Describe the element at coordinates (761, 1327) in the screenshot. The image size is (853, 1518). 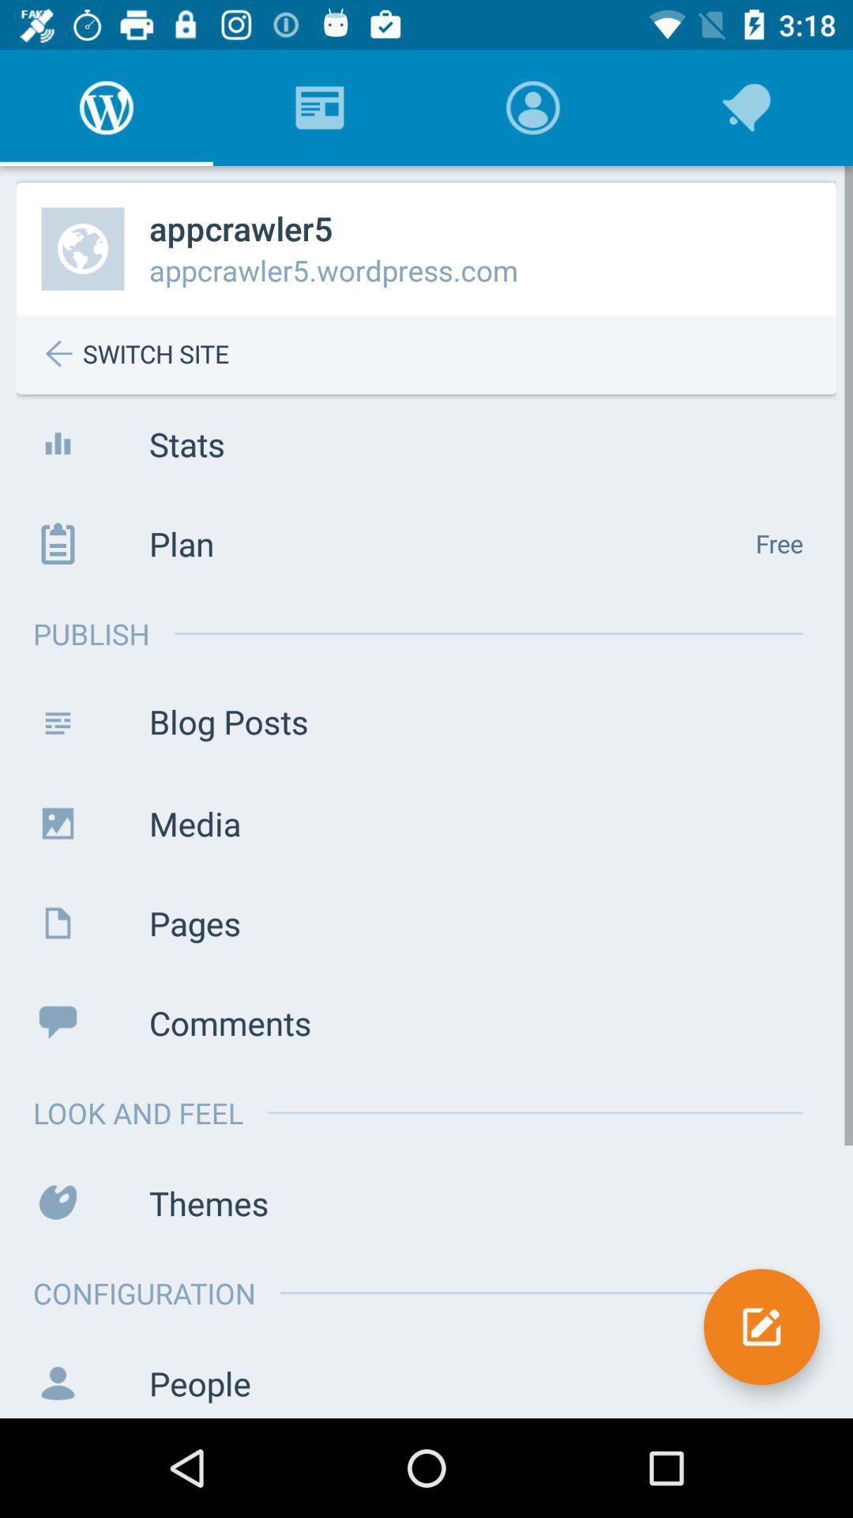
I see `icon next to configuration icon` at that location.